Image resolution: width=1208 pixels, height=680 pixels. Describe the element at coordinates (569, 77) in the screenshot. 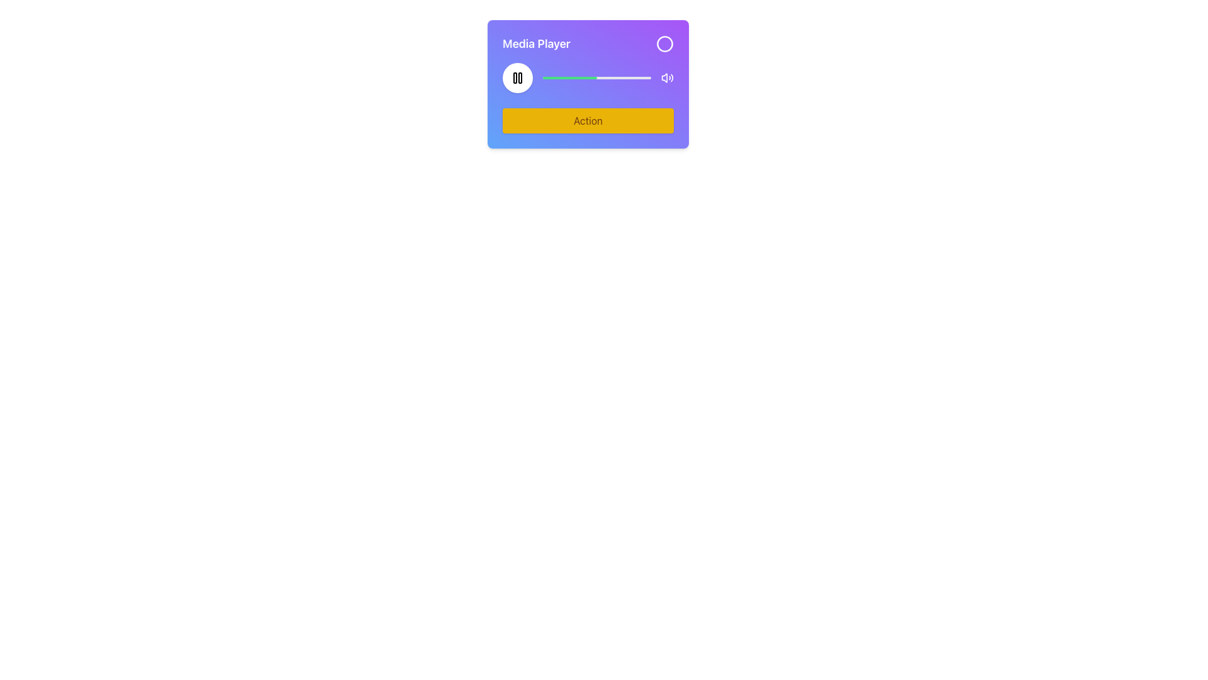

I see `the Progress Bar located at the upper half of the media player's card layout, which visually indicates progress for the associated media player` at that location.